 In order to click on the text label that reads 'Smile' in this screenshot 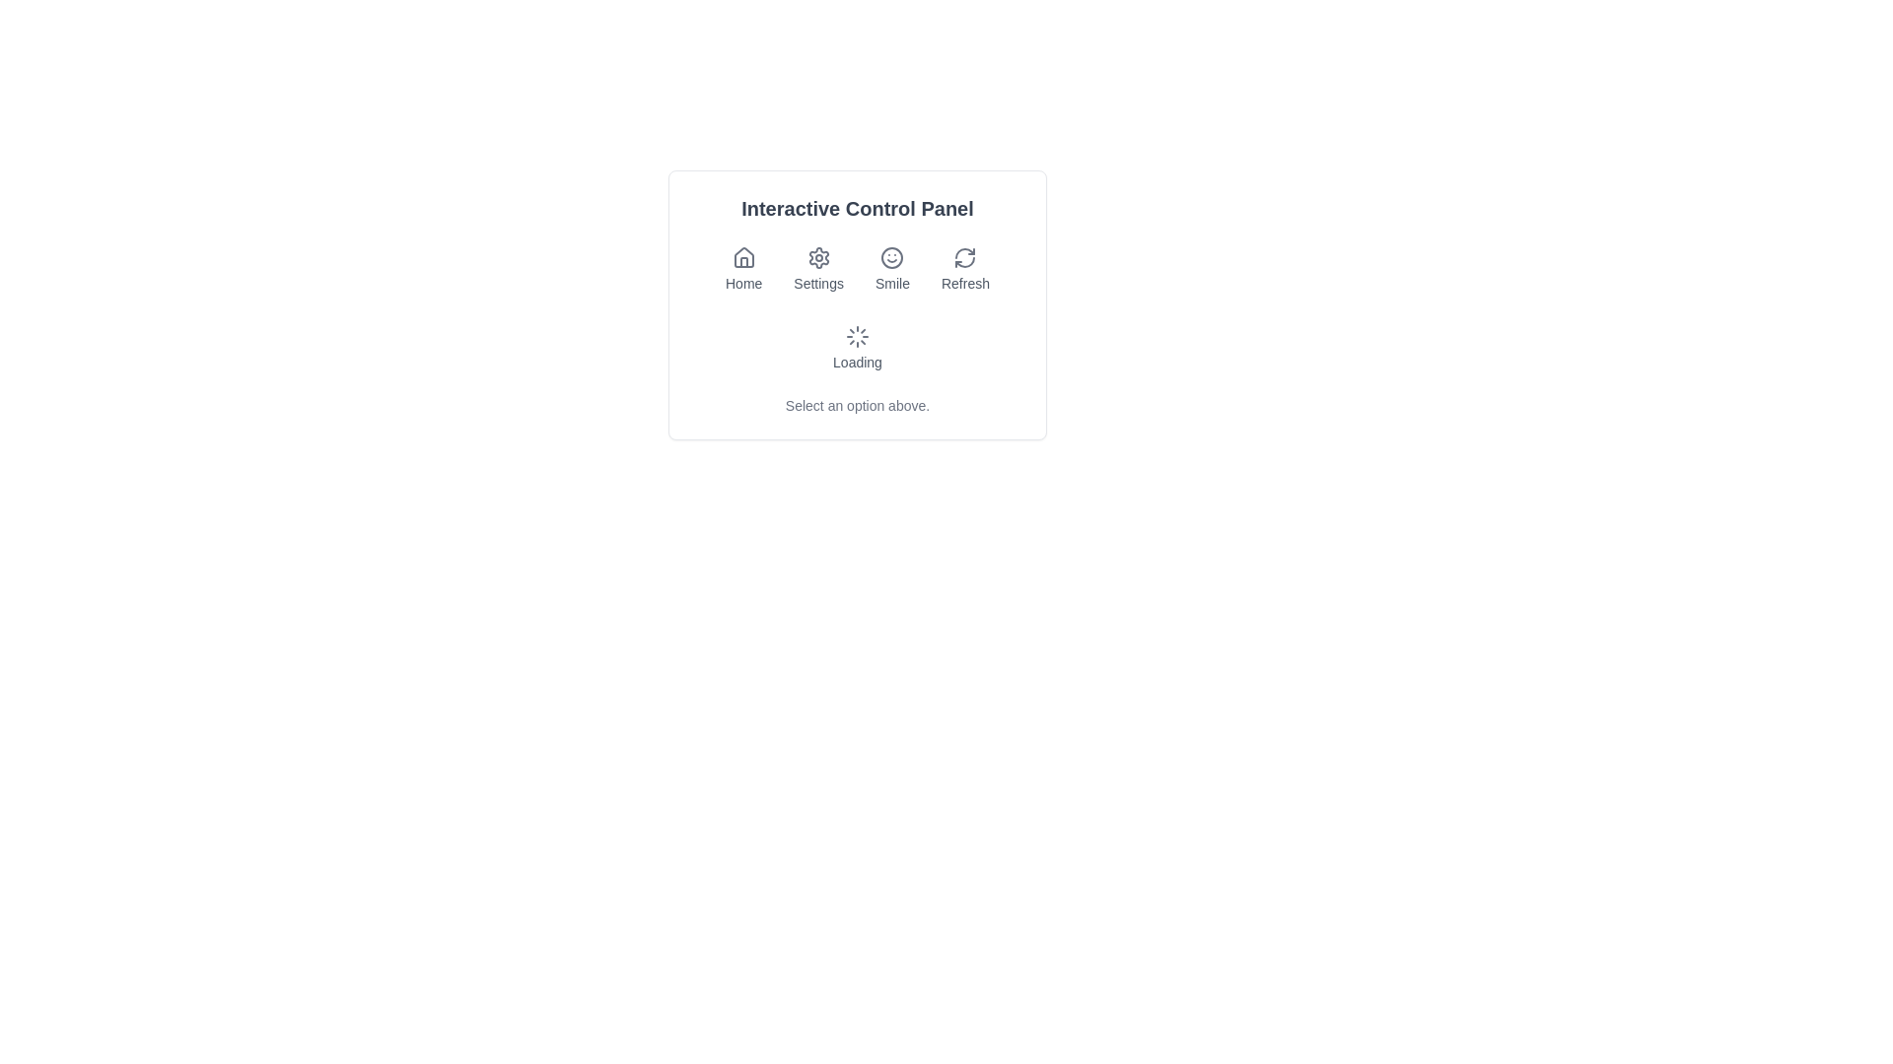, I will do `click(891, 284)`.